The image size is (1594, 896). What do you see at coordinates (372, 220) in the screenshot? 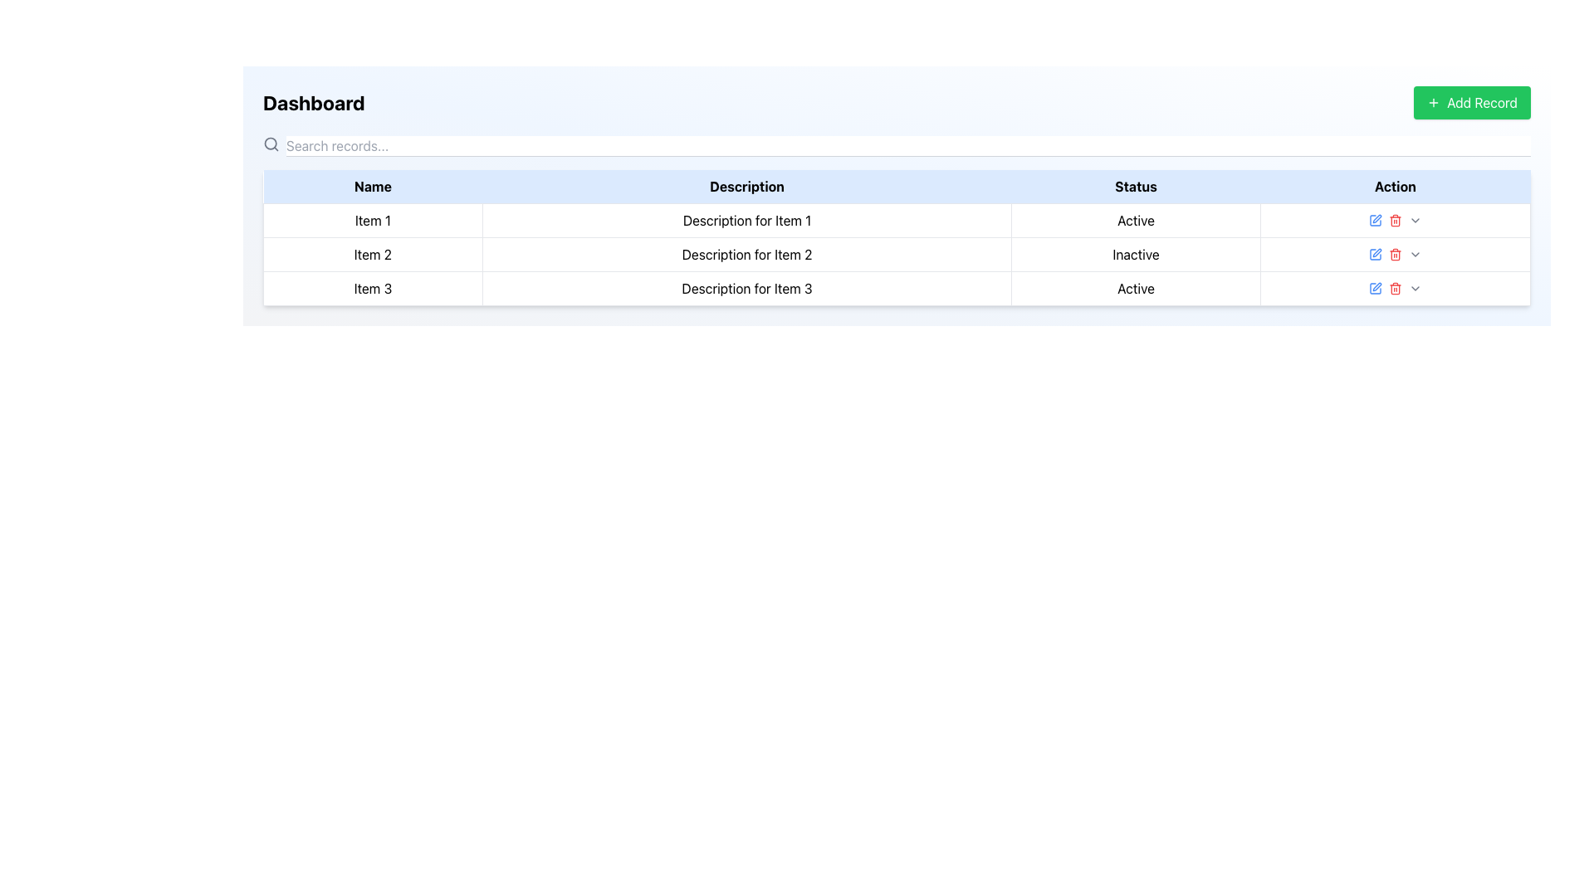
I see `the text label styled as a table cell that displays 'Item 1', located in the first row under the 'Name' column` at bounding box center [372, 220].